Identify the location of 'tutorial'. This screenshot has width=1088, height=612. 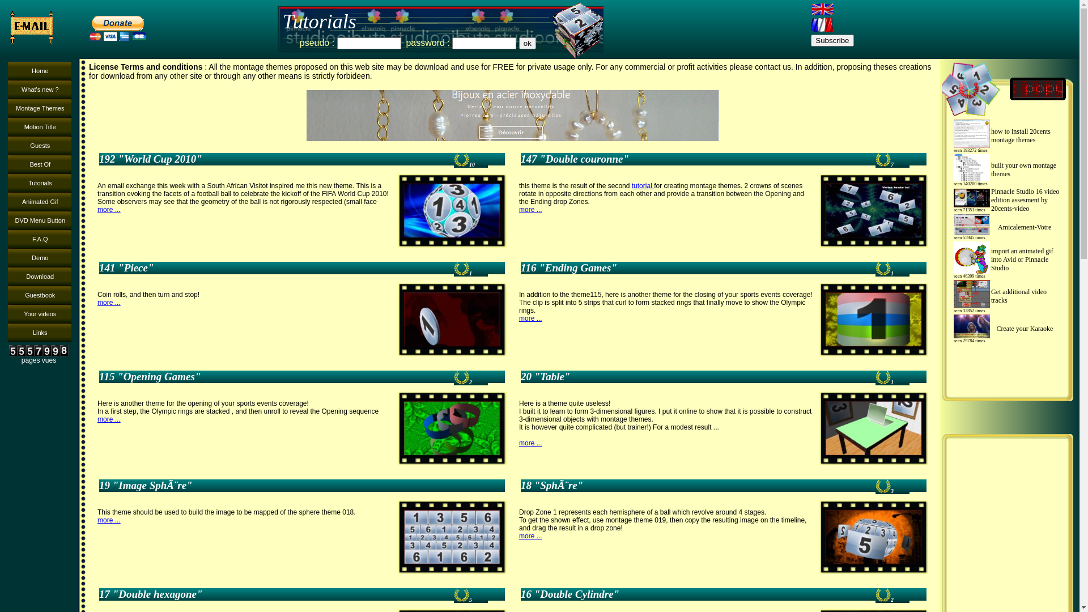
(643, 185).